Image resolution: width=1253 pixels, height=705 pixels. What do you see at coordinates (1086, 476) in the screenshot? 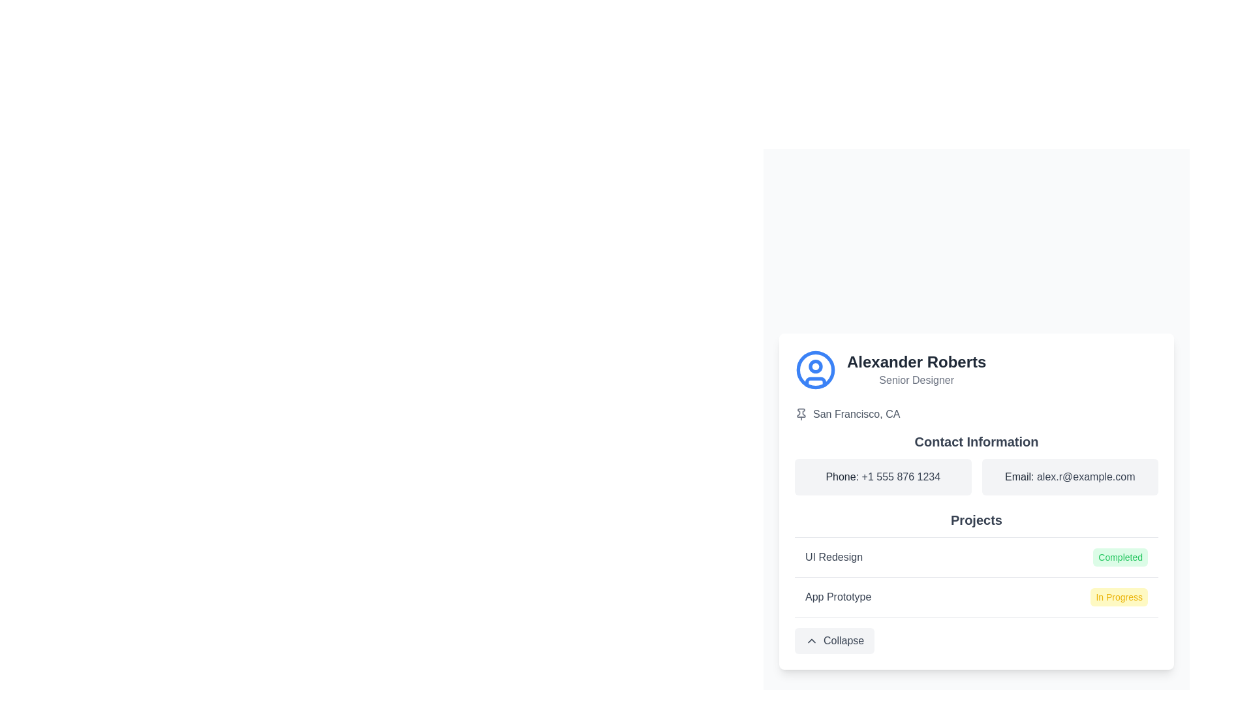
I see `the static text displaying 'alex.r@example.com', which is located to the right of the 'Email:' label in the 'Contact Information' section` at bounding box center [1086, 476].